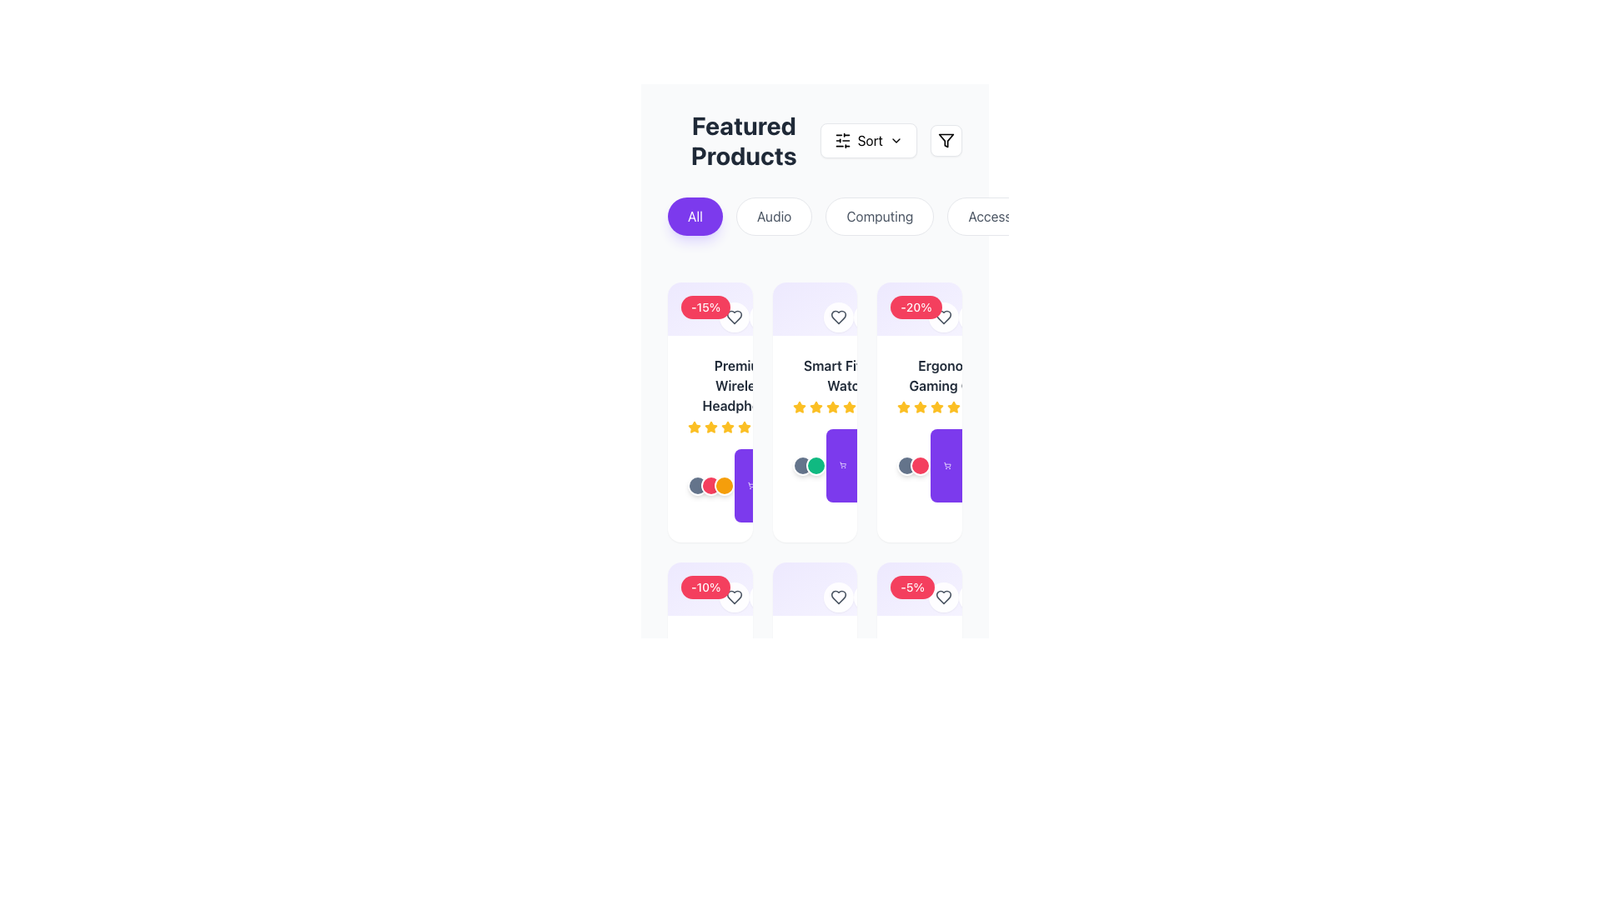 This screenshot has width=1601, height=900. What do you see at coordinates (867, 140) in the screenshot?
I see `the 'Sort' button with dropdown functionality` at bounding box center [867, 140].